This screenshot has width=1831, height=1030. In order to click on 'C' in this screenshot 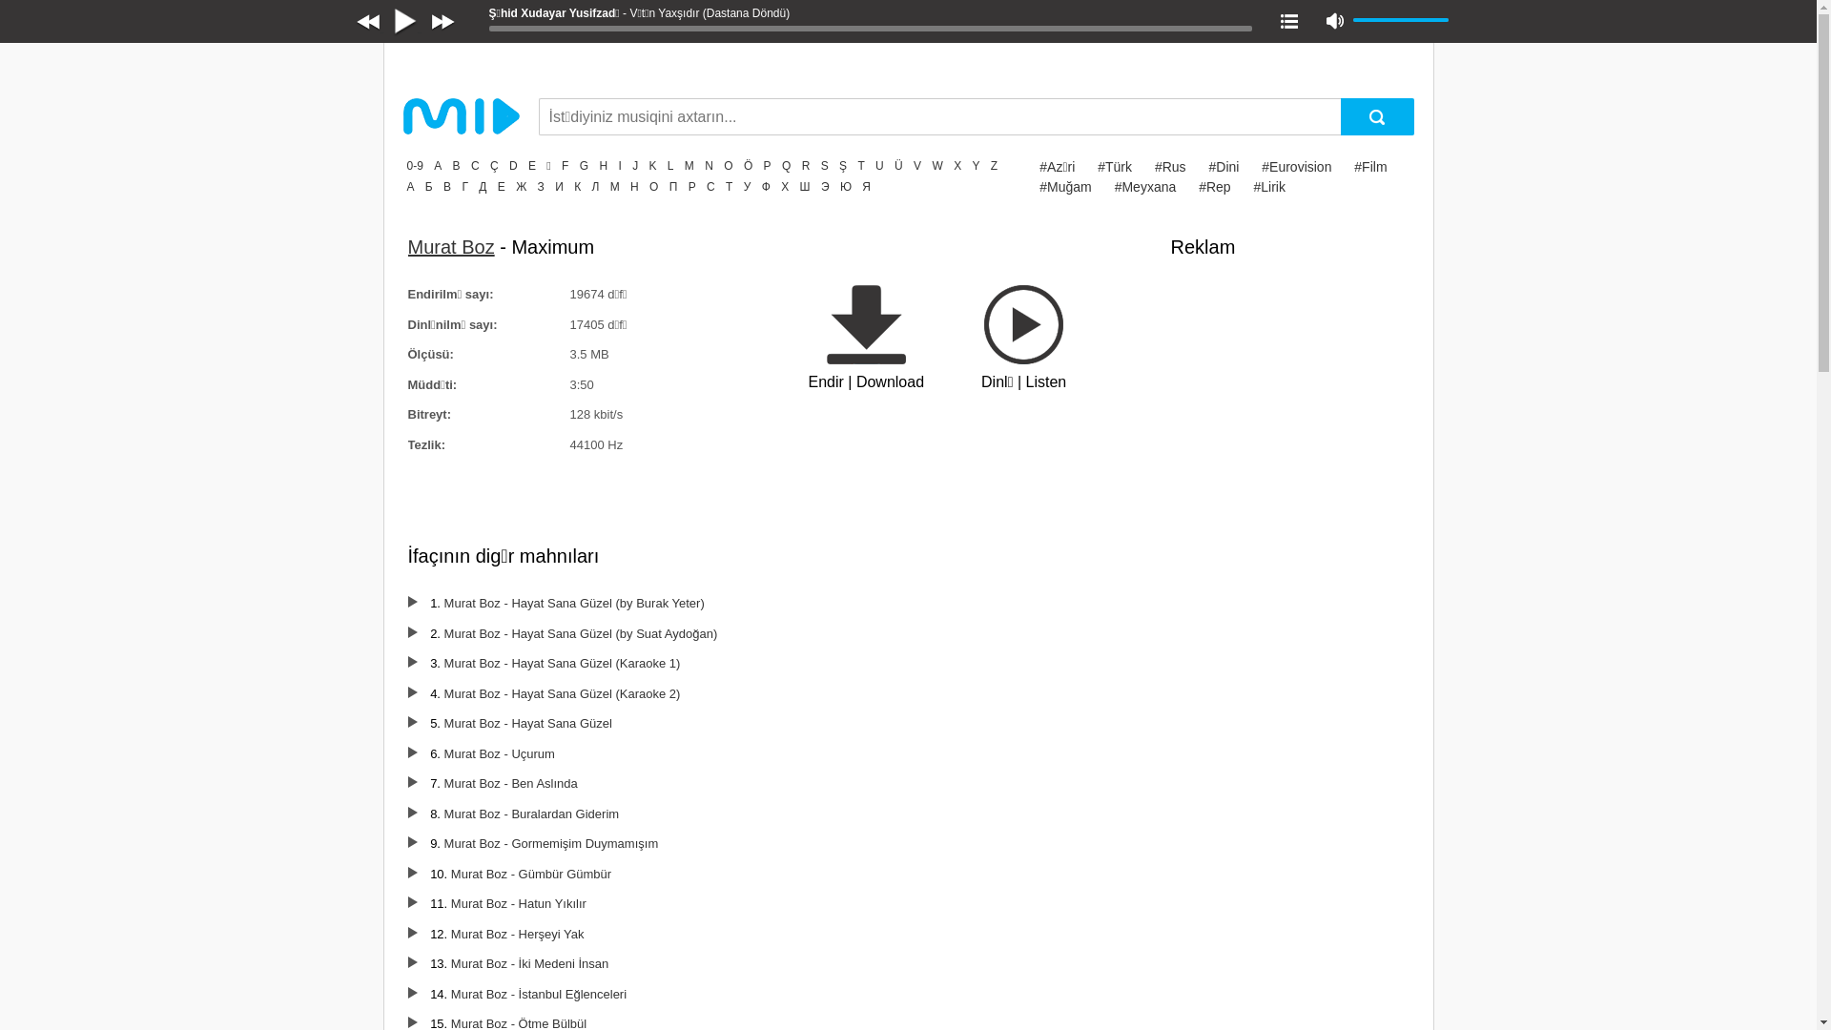, I will do `click(475, 164)`.